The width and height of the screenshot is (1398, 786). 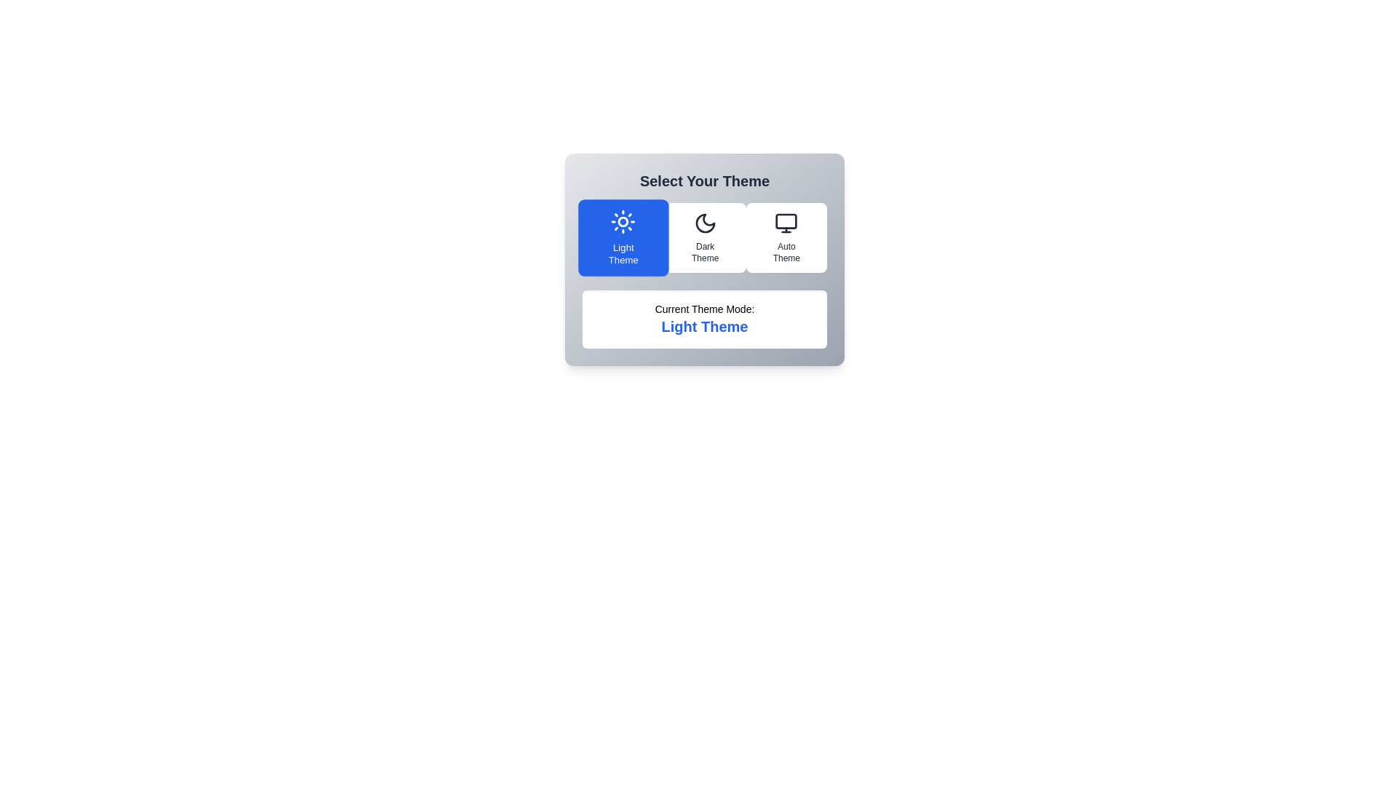 I want to click on the theme Dark Theme by clicking on its corresponding button, so click(x=705, y=237).